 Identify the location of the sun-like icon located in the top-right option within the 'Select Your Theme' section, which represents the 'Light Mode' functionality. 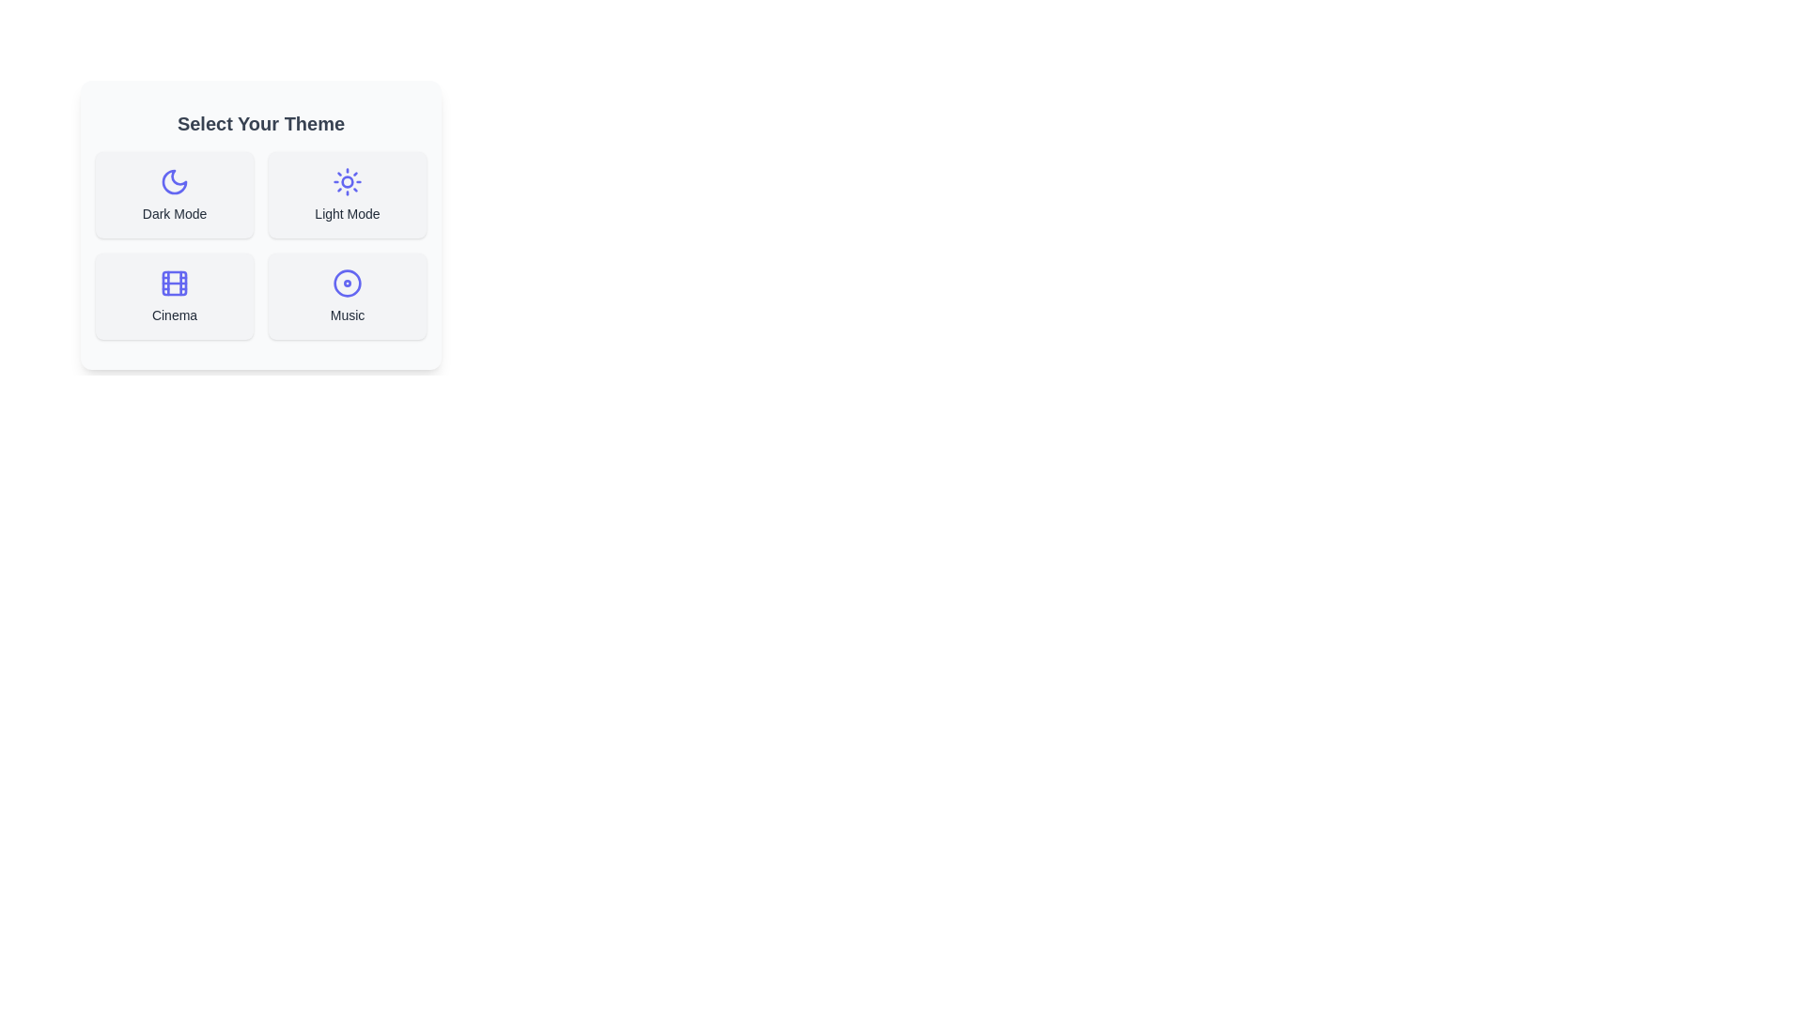
(347, 181).